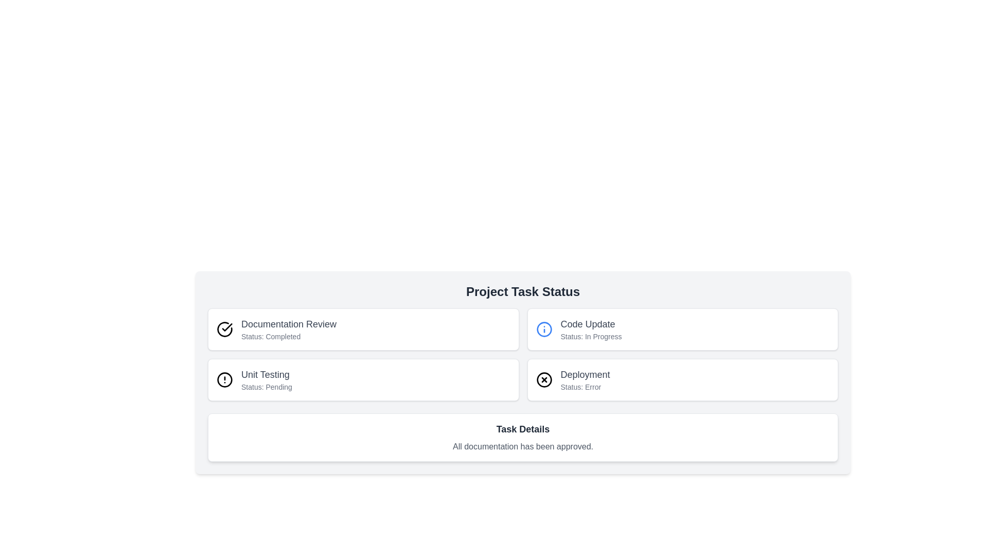 This screenshot has height=556, width=988. Describe the element at coordinates (363, 329) in the screenshot. I see `the 'Documentation Review' task status display card, which indicates the task is marked as 'Completed', located in the top-left quadrant of the 'Project Task Status' section` at that location.